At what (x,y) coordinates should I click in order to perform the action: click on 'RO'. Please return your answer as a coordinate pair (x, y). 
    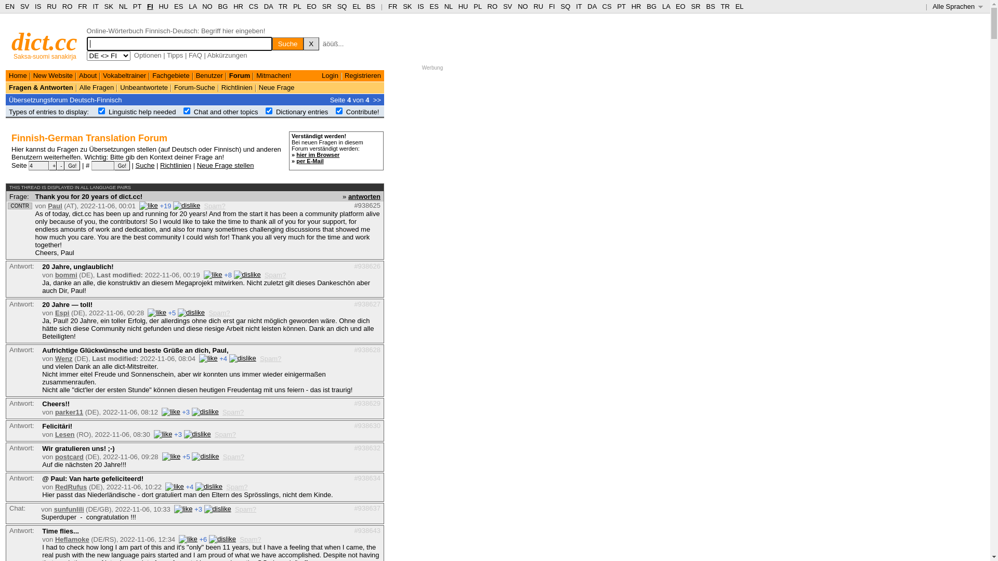
    Looking at the image, I should click on (492, 6).